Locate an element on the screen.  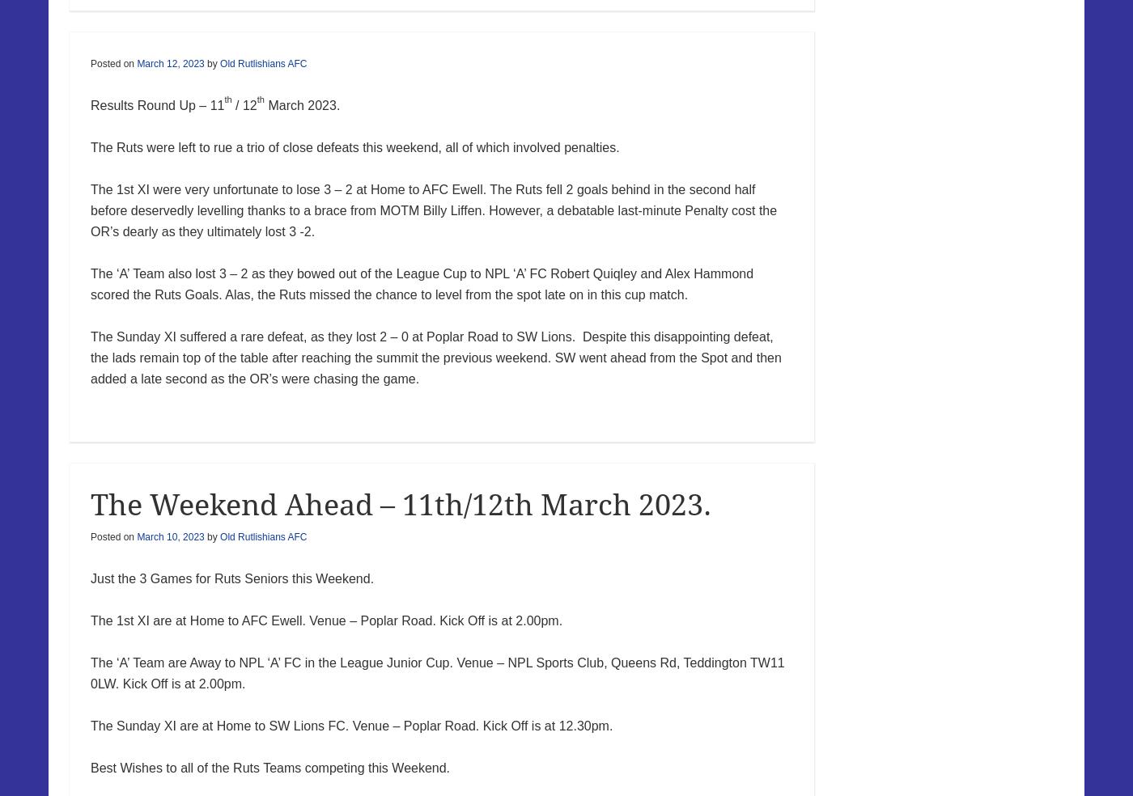
'The 1st XI were very unfortunate to lose 3 – 2 at Home to AFC Ewell. The Ruts fell 2 goals behind in the second half before deservedly levelling thanks to a brace from MOTM Billy Liffen. However, a debatable last-minute Penalty cost the OR’s dearly as they ultimately lost 3 -2.' is located at coordinates (434, 209).